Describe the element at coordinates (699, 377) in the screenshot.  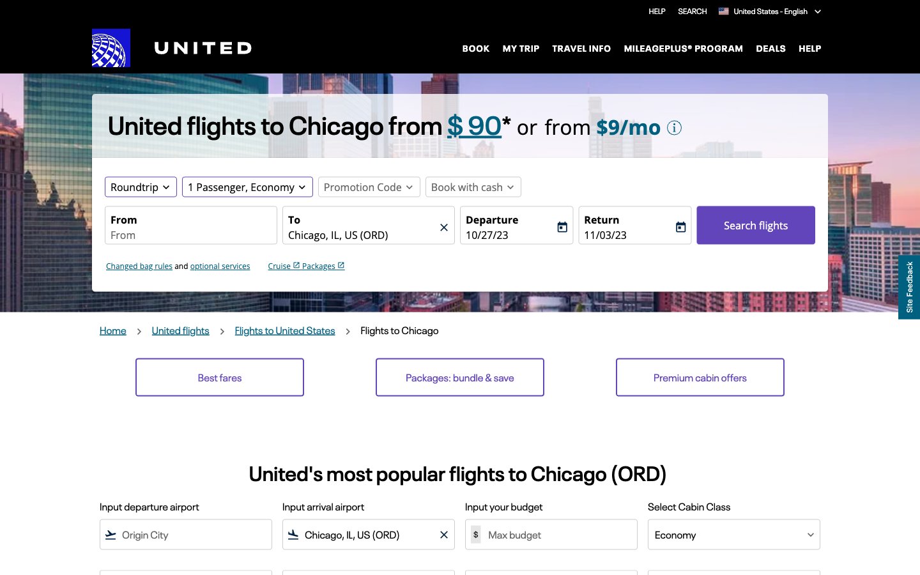
I see `Premium Cabin Promotions` at that location.